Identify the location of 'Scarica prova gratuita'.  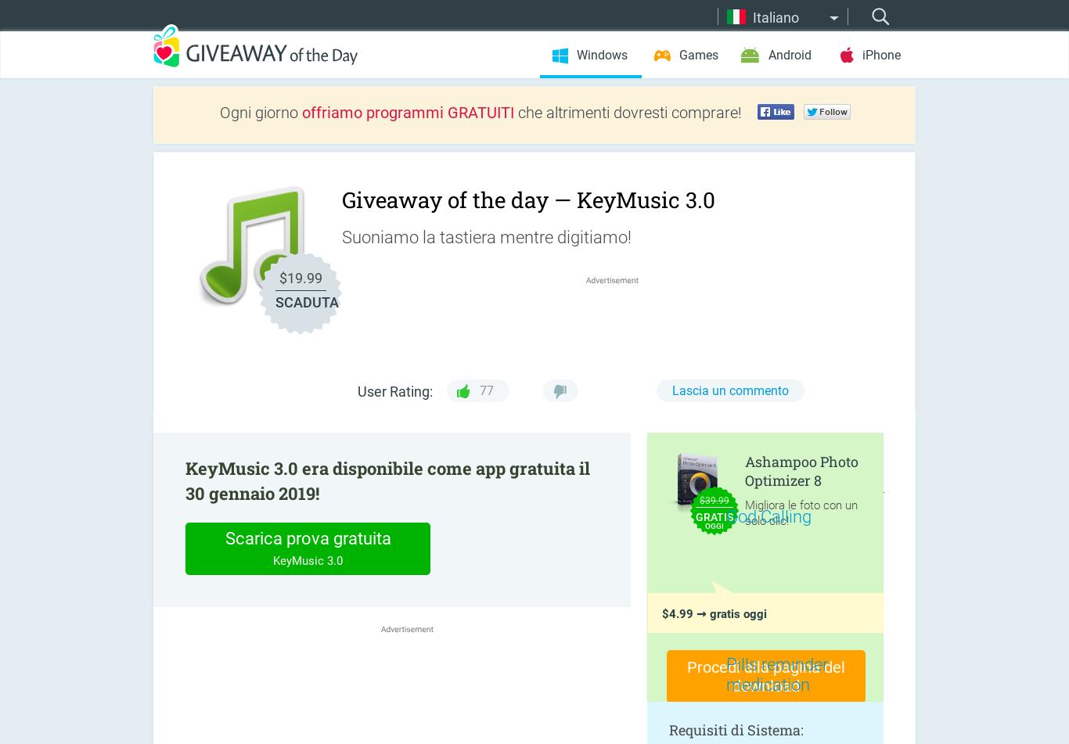
(306, 537).